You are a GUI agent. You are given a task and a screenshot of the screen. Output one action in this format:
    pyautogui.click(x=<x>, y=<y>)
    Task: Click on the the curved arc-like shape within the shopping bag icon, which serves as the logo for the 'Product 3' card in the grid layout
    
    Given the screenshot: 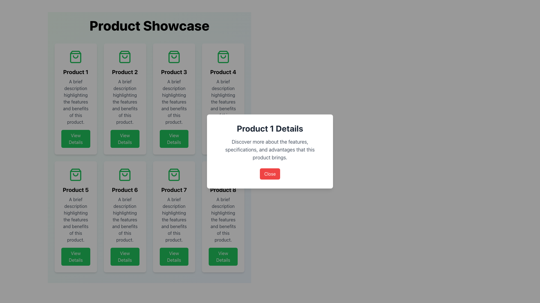 What is the action you would take?
    pyautogui.click(x=174, y=57)
    